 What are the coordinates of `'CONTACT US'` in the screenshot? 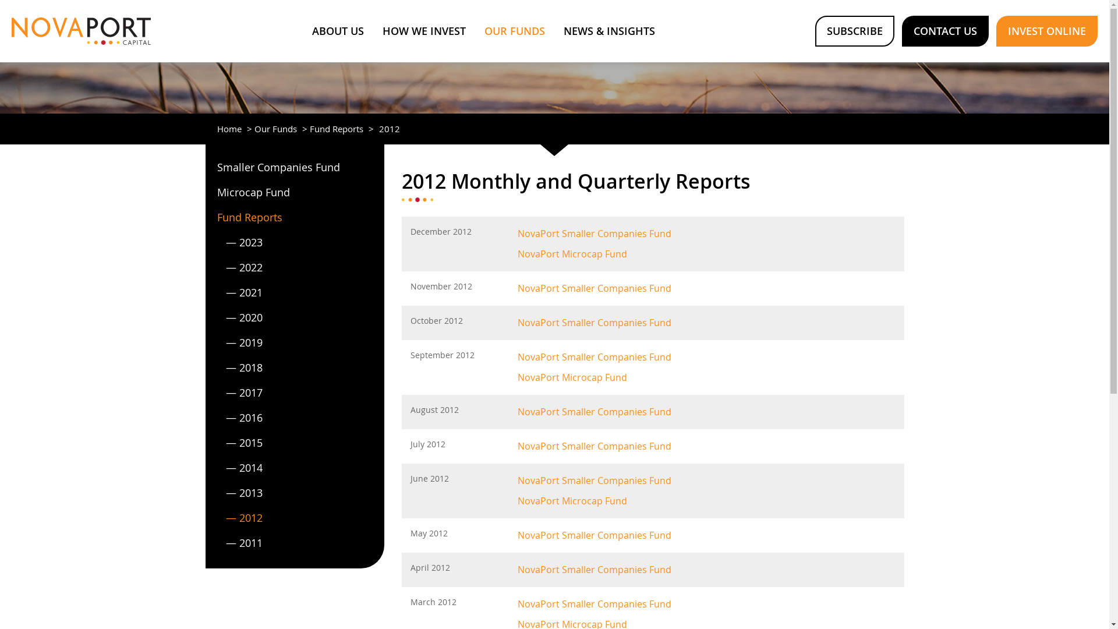 It's located at (901, 30).